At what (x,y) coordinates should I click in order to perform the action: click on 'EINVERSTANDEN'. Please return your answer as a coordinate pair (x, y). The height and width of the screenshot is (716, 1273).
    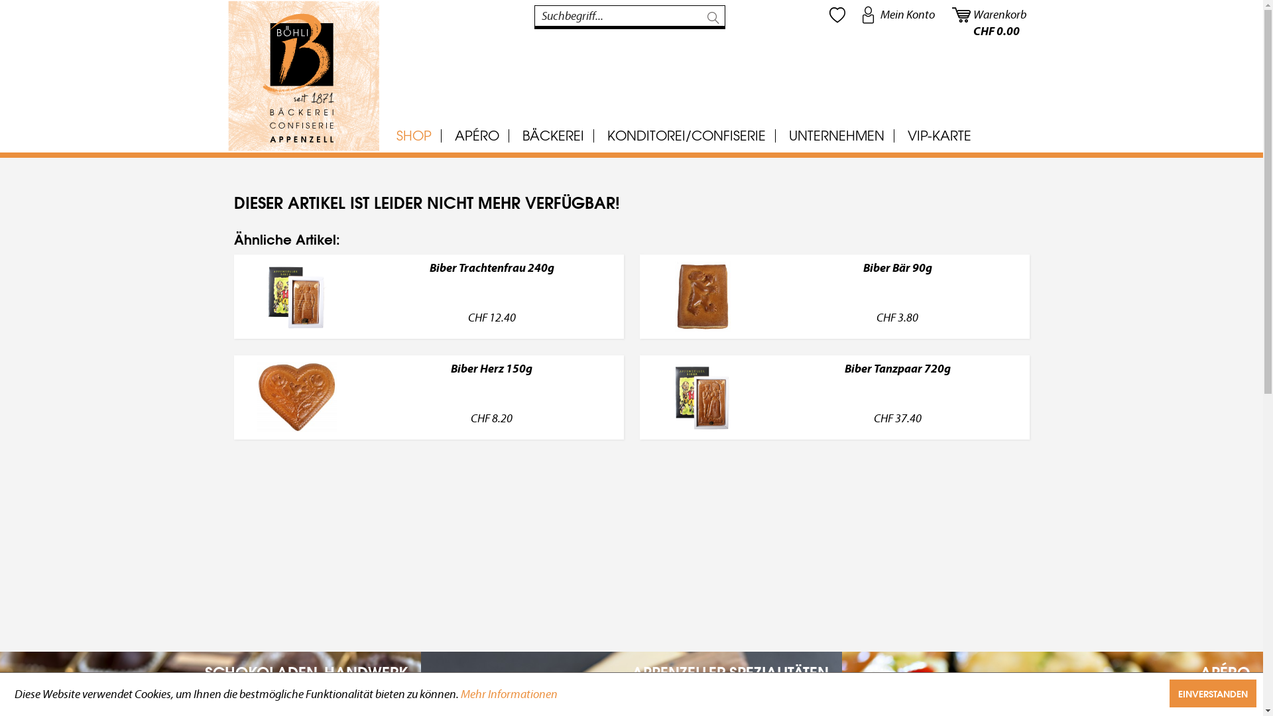
    Looking at the image, I should click on (1213, 692).